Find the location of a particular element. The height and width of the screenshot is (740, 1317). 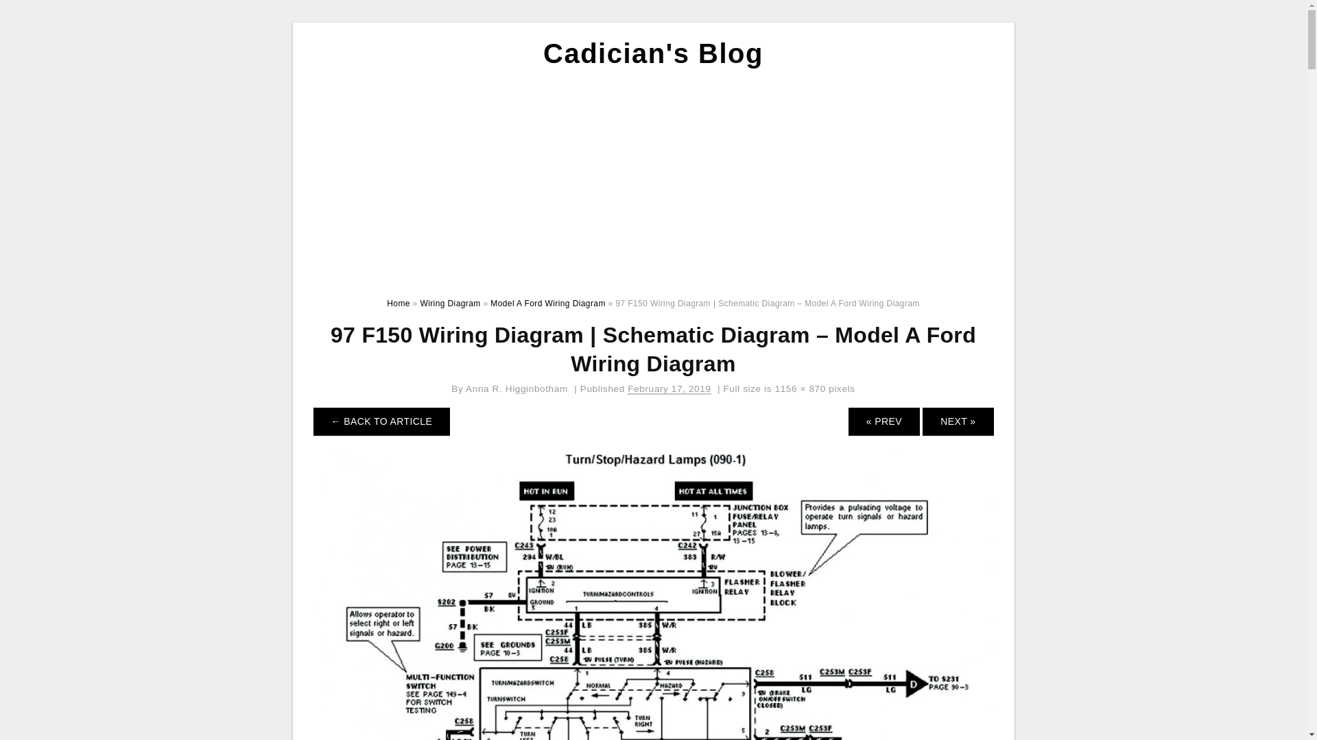

'Cadician's Blog' is located at coordinates (652, 52).